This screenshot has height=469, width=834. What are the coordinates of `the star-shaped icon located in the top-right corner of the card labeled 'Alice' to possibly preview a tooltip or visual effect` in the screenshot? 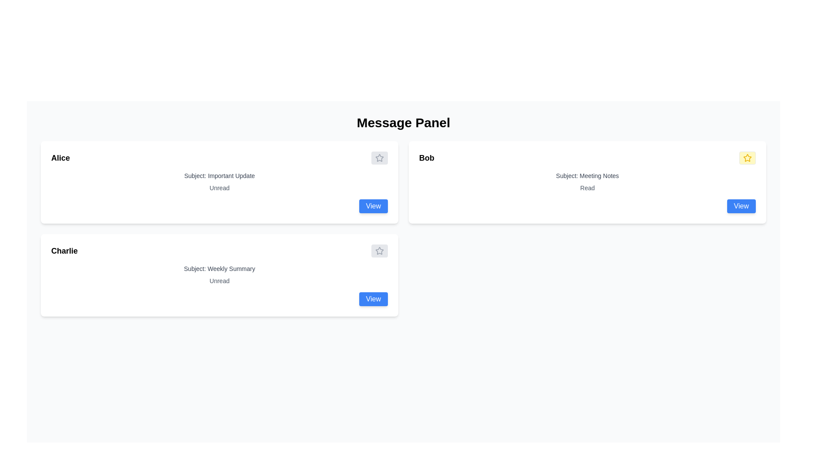 It's located at (379, 158).